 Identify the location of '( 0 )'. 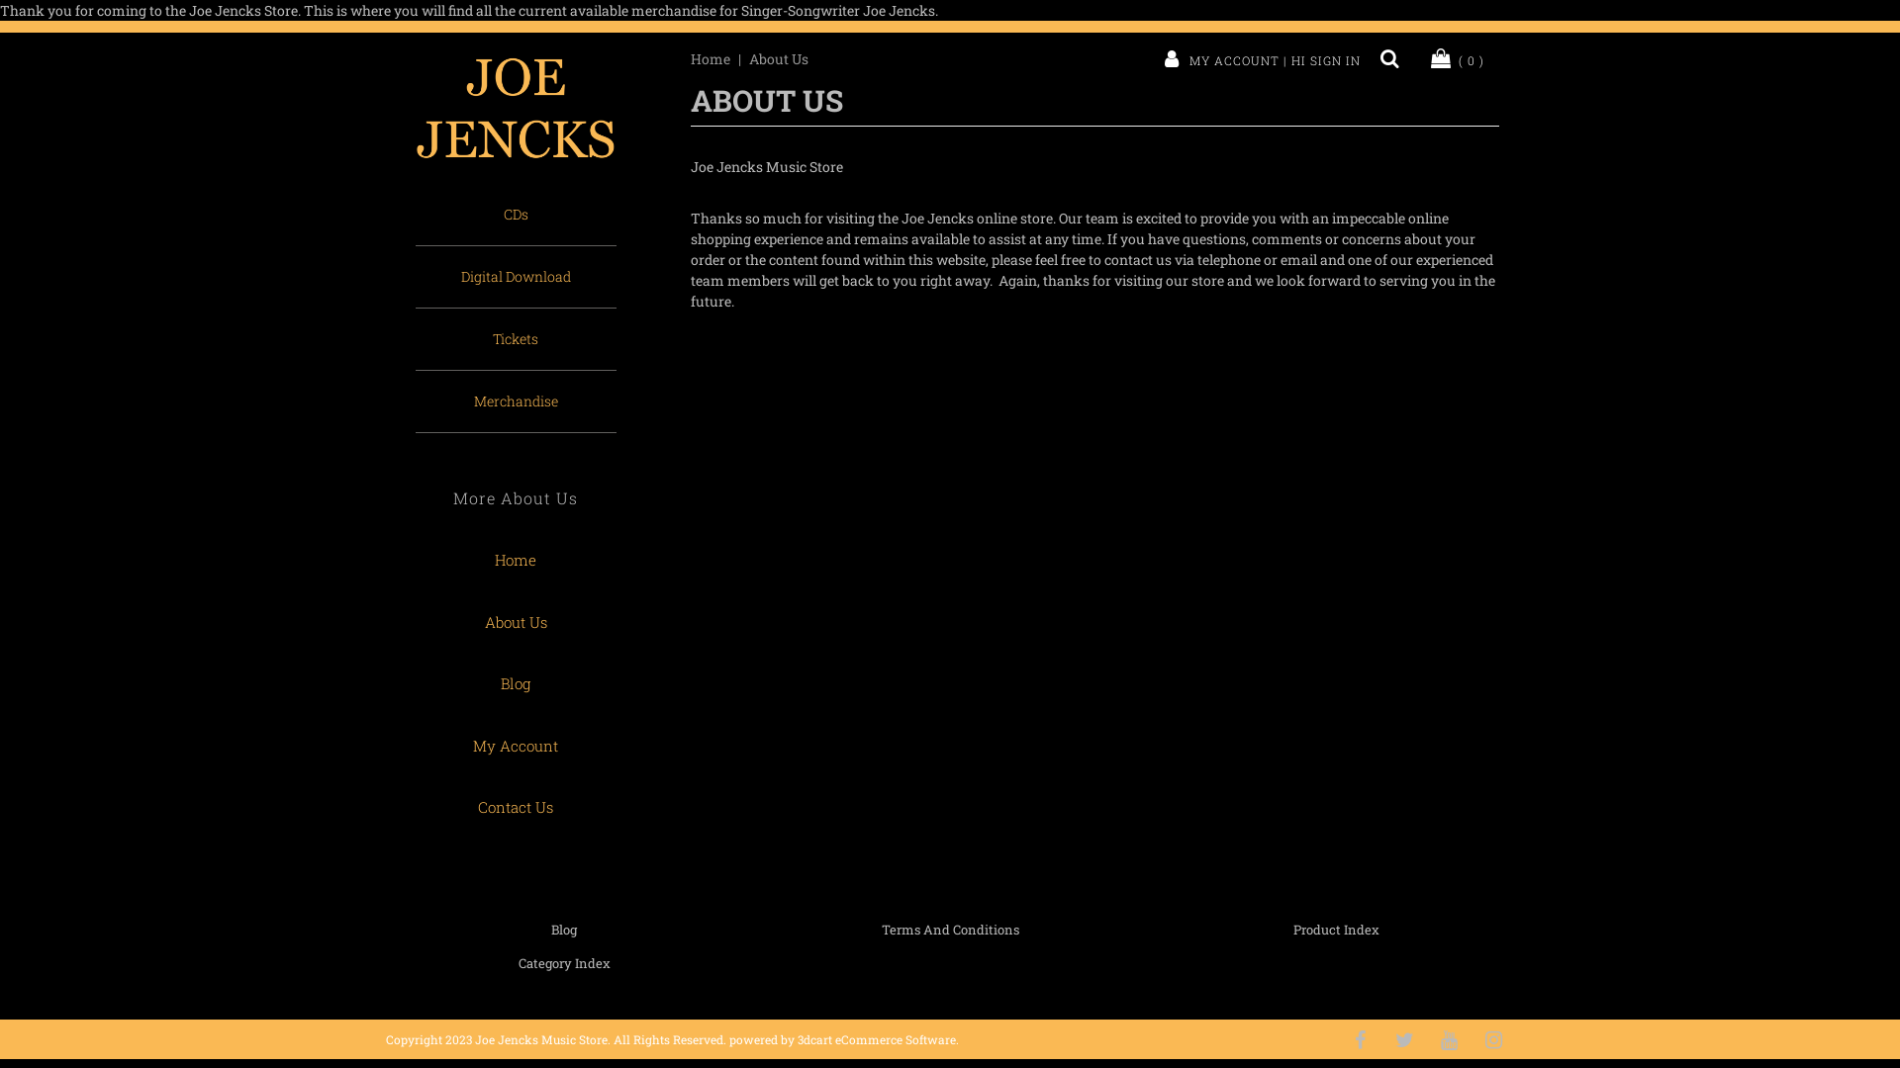
(1455, 59).